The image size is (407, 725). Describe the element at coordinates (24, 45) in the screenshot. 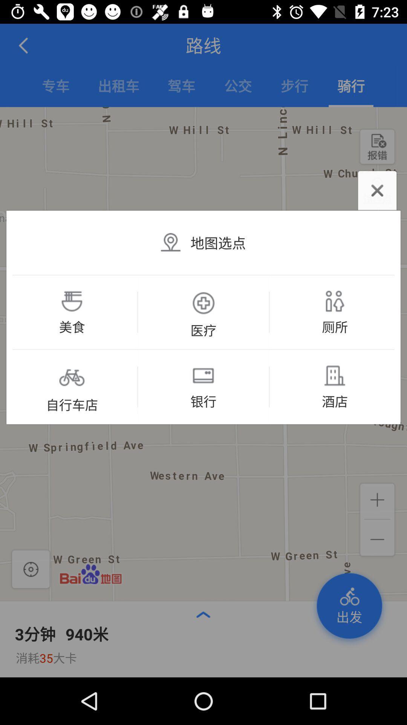

I see `the arrow_backward icon` at that location.